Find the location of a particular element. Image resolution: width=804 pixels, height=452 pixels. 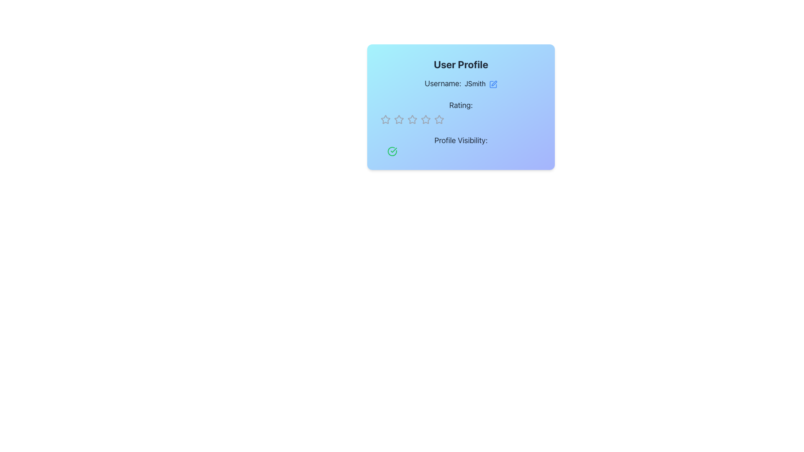

the third star icon in the rating interface is located at coordinates (412, 119).